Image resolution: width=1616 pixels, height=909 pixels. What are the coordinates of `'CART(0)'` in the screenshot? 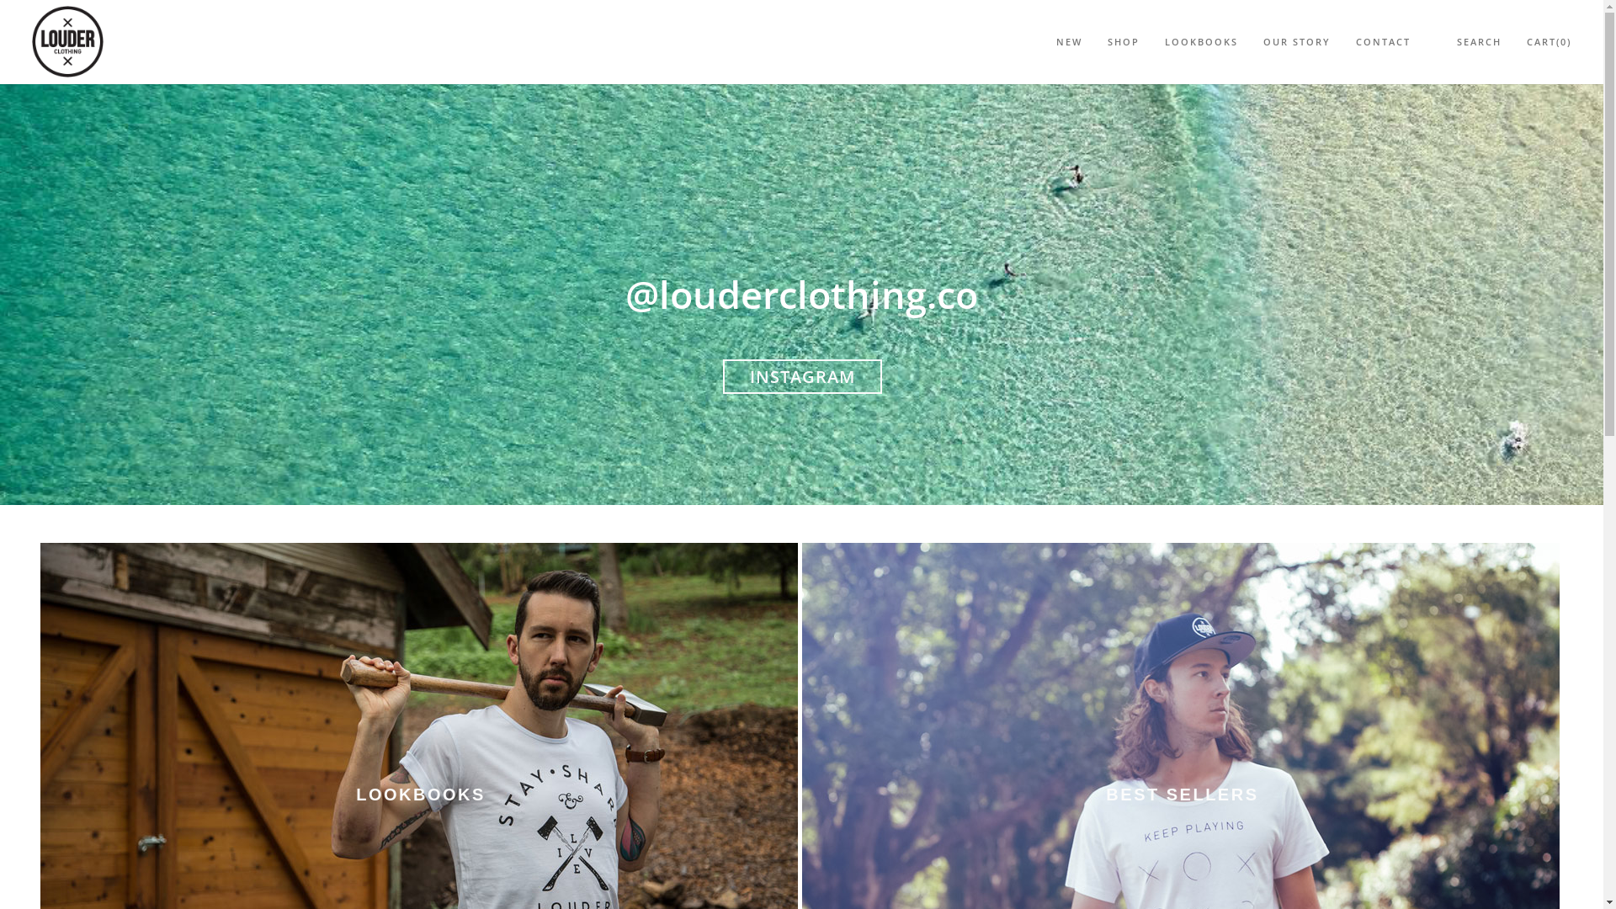 It's located at (1549, 41).